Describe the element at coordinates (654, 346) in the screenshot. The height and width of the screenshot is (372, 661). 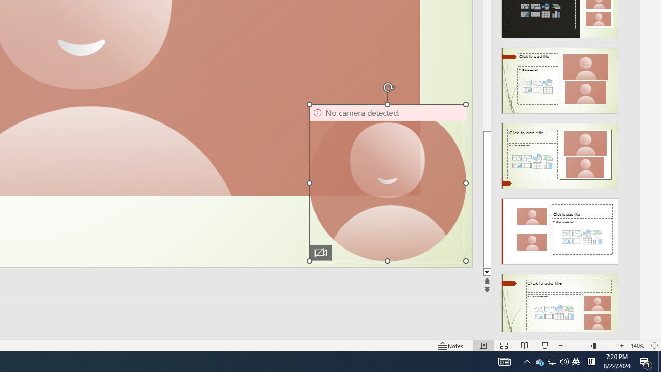
I see `'Zoom to Fit '` at that location.